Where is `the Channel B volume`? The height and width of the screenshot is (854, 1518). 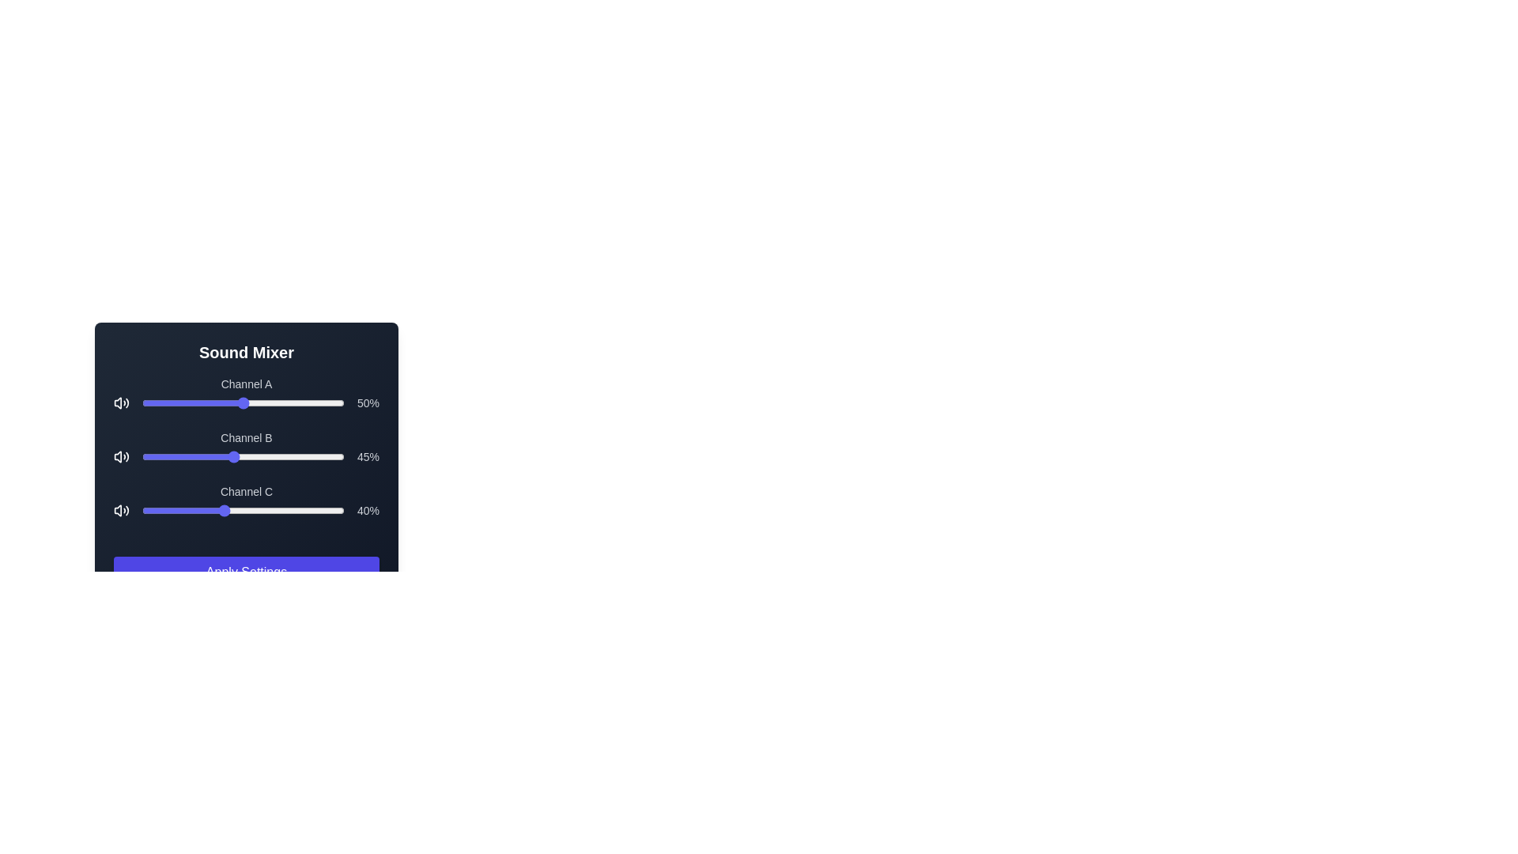
the Channel B volume is located at coordinates (275, 457).